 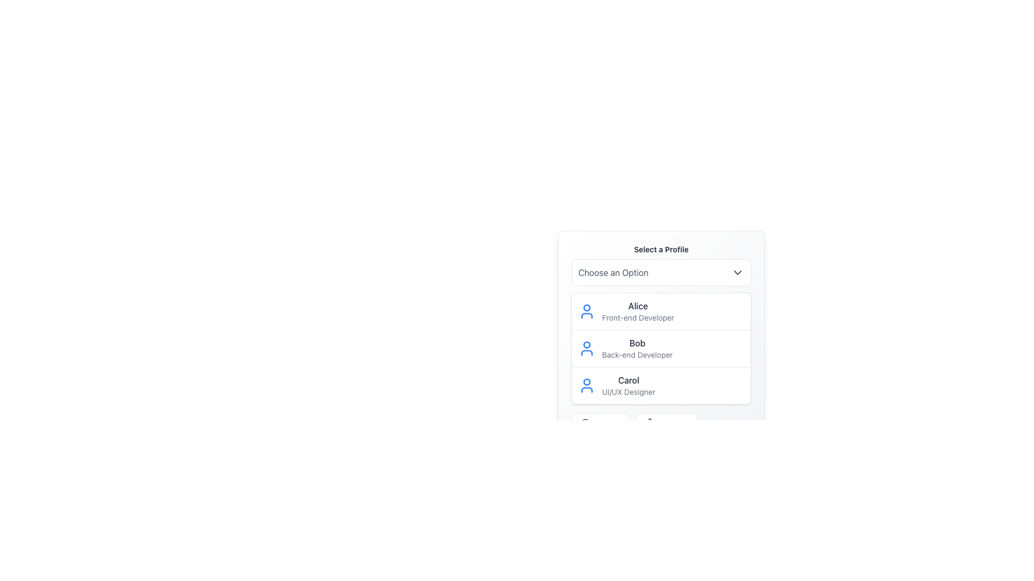 What do you see at coordinates (628, 379) in the screenshot?
I see `the displayed name of the profile 'UI/UX Designer' in the dropdown list under 'Select a Profile', which is the third entry in the list` at bounding box center [628, 379].